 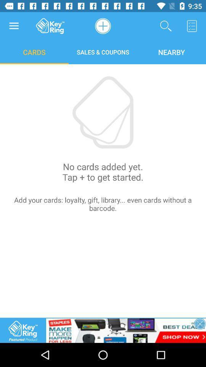 I want to click on the close icon, so click(x=200, y=323).